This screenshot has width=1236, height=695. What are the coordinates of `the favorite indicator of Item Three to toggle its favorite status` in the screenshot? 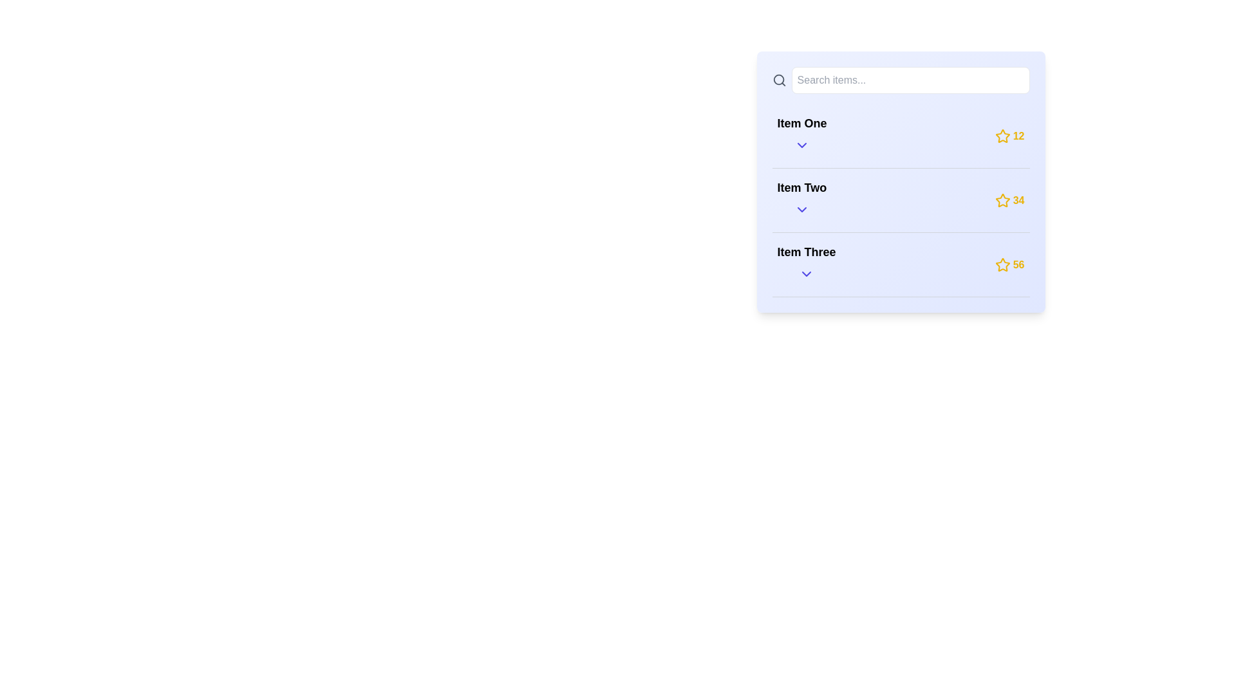 It's located at (1002, 264).